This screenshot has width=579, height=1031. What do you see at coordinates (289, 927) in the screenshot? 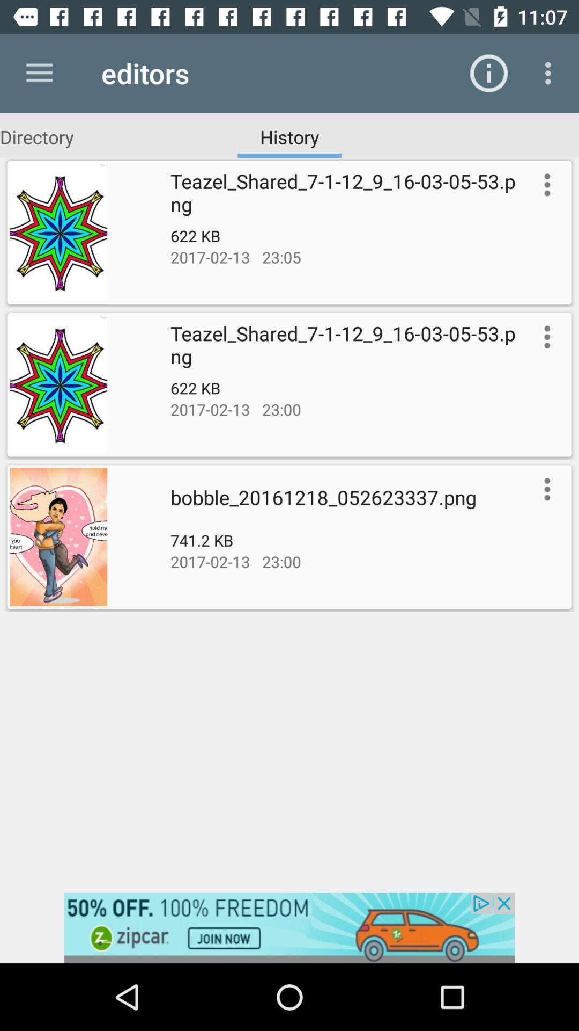
I see `advertisement` at bounding box center [289, 927].